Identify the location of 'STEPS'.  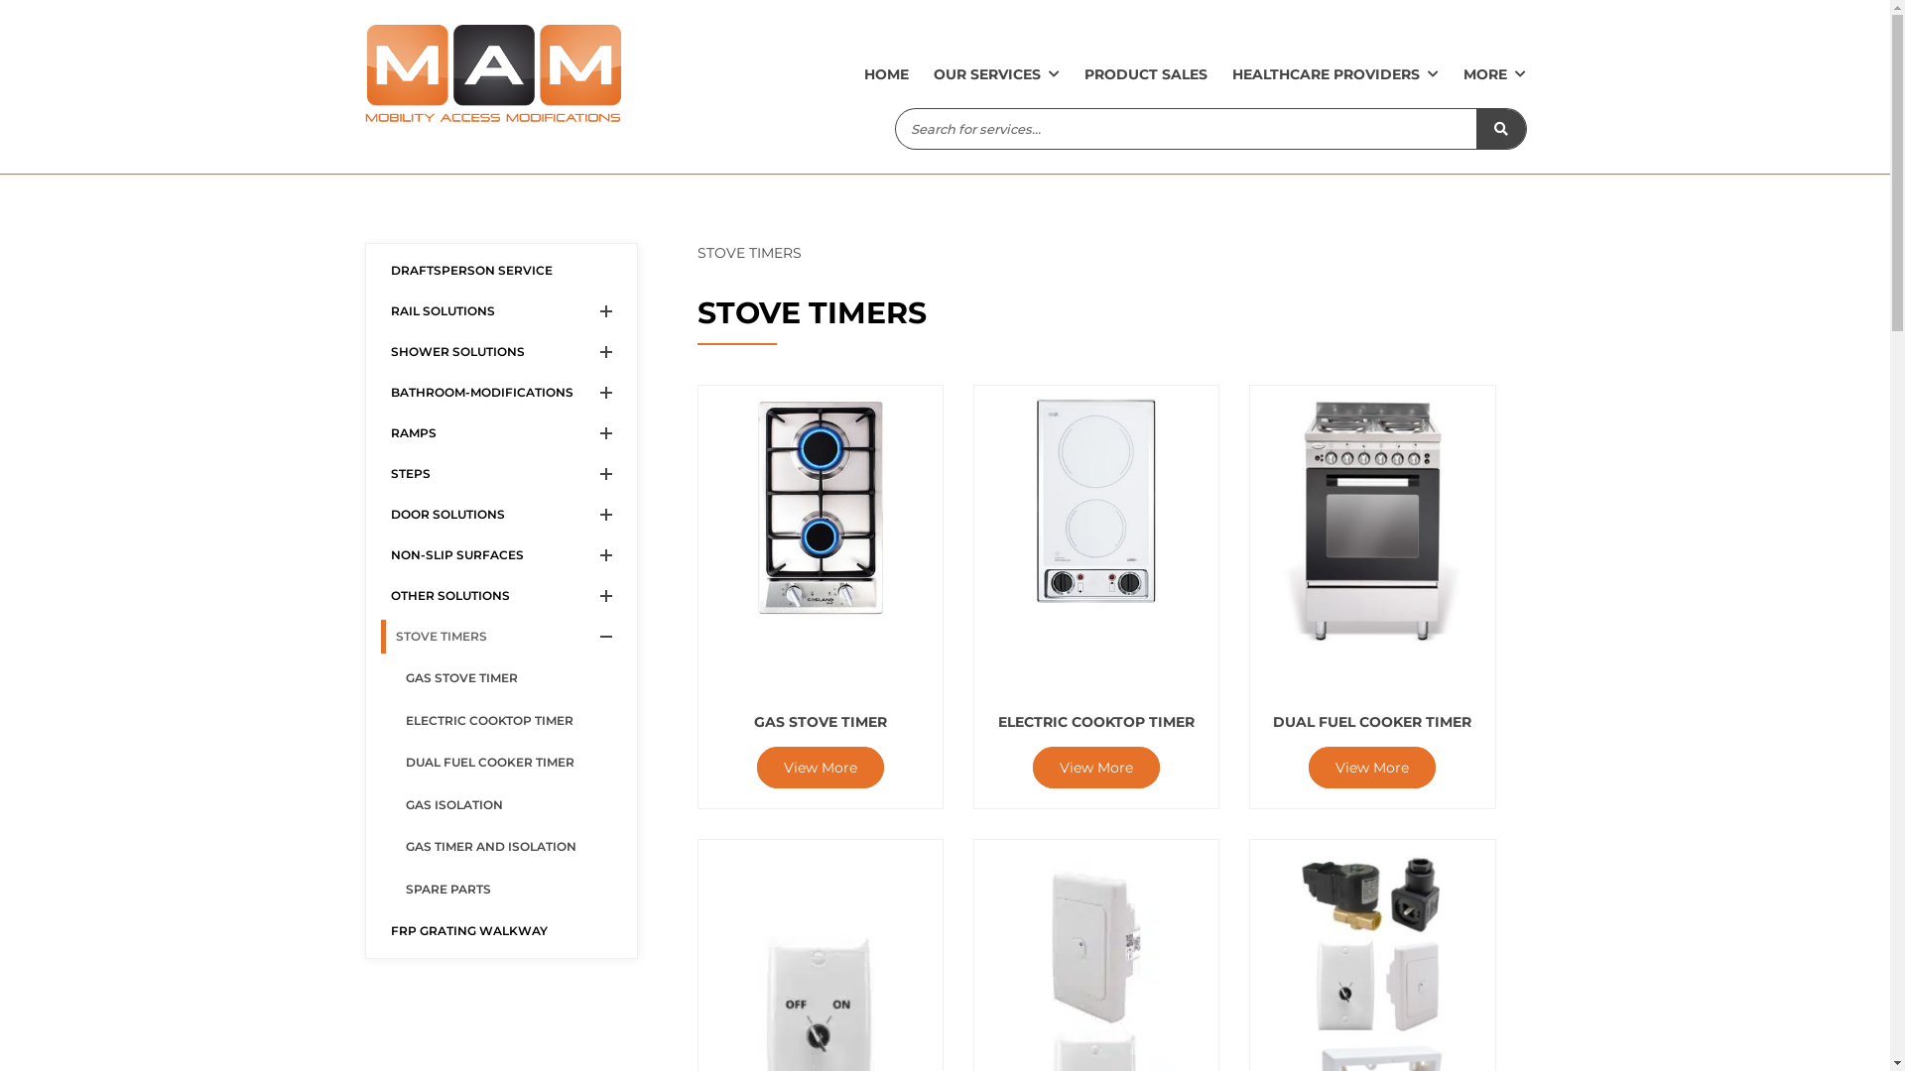
(483, 474).